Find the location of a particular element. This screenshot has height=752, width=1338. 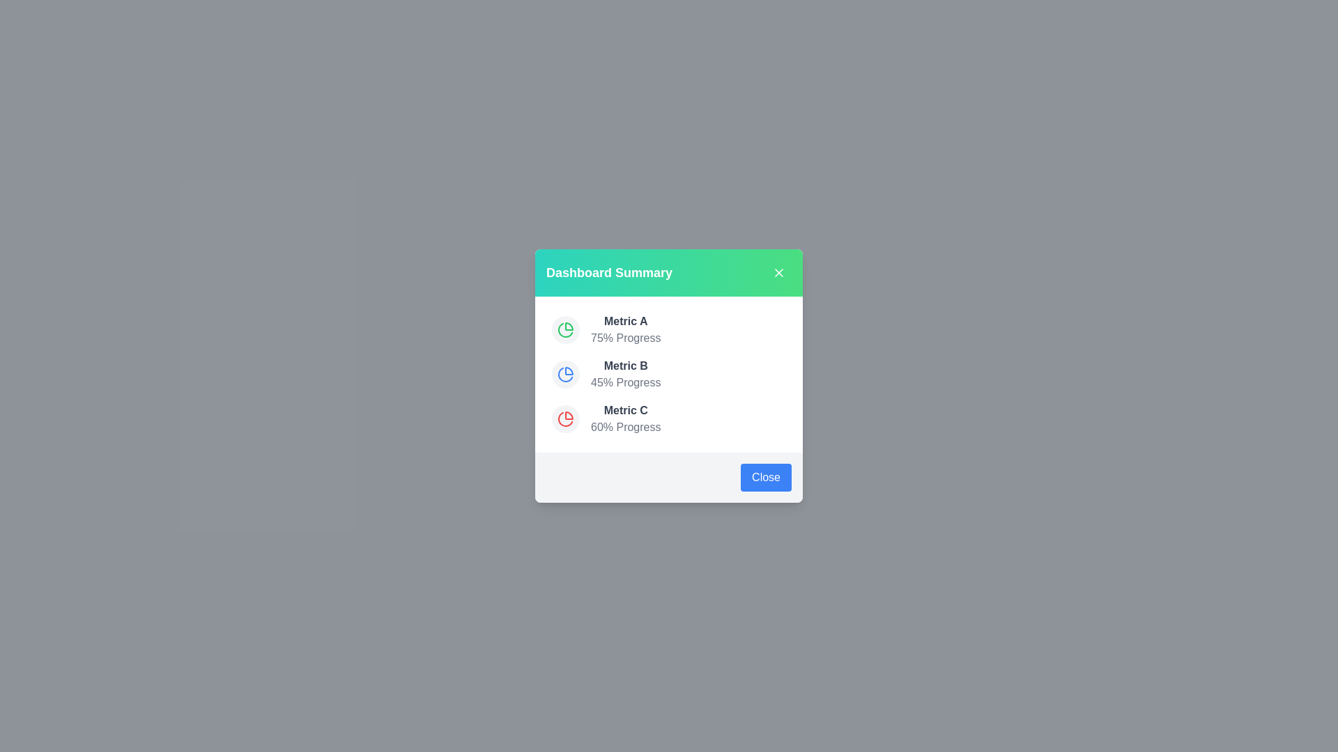

the pie chart icon for Metric A is located at coordinates (565, 330).